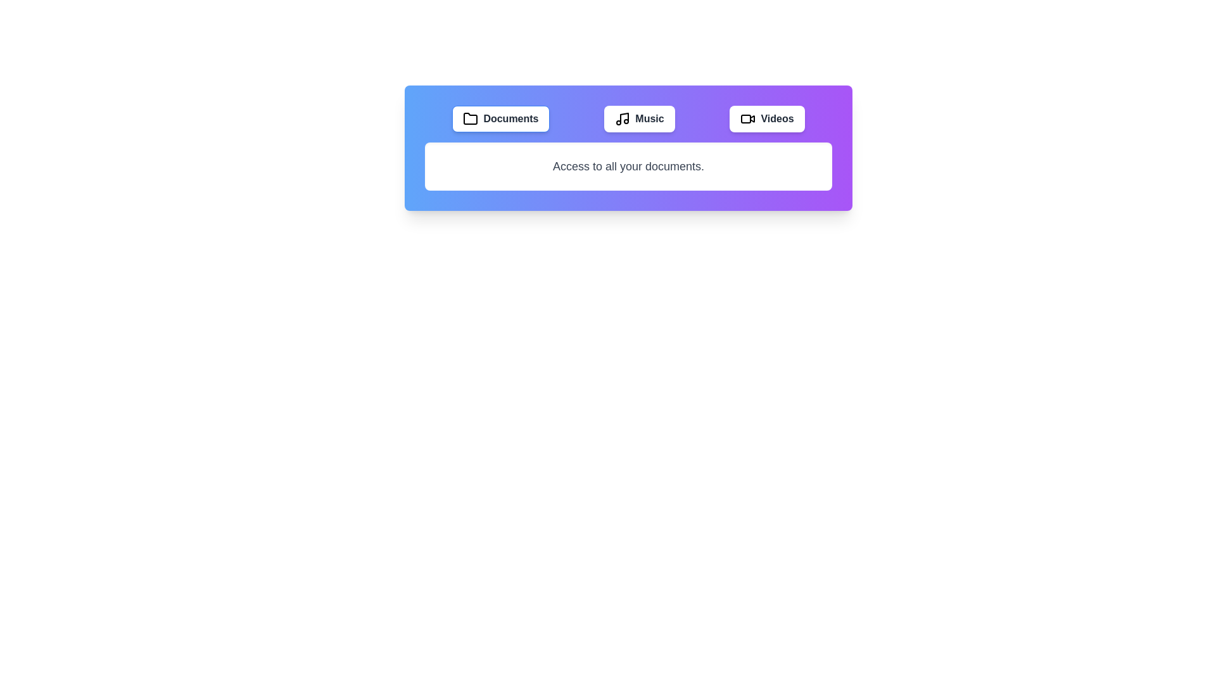 The width and height of the screenshot is (1216, 684). Describe the element at coordinates (639, 119) in the screenshot. I see `the tab labeled Music by clicking on its header` at that location.